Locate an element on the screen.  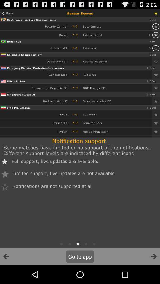
the arrow_backward icon is located at coordinates (6, 275).